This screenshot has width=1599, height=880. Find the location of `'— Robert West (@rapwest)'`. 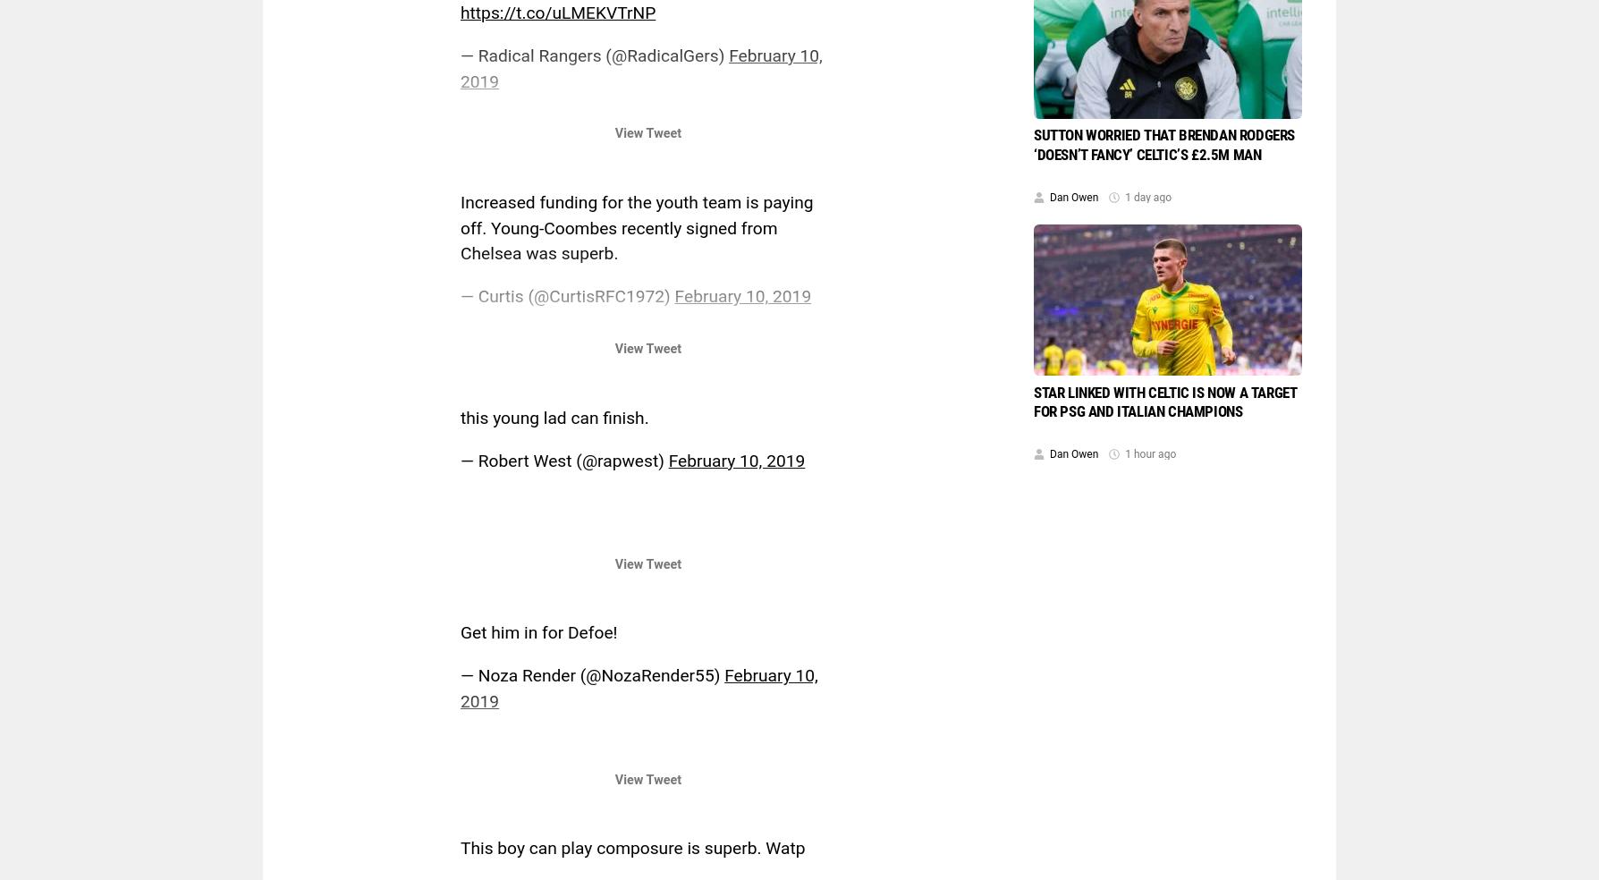

'— Robert West (@rapwest)' is located at coordinates (460, 459).